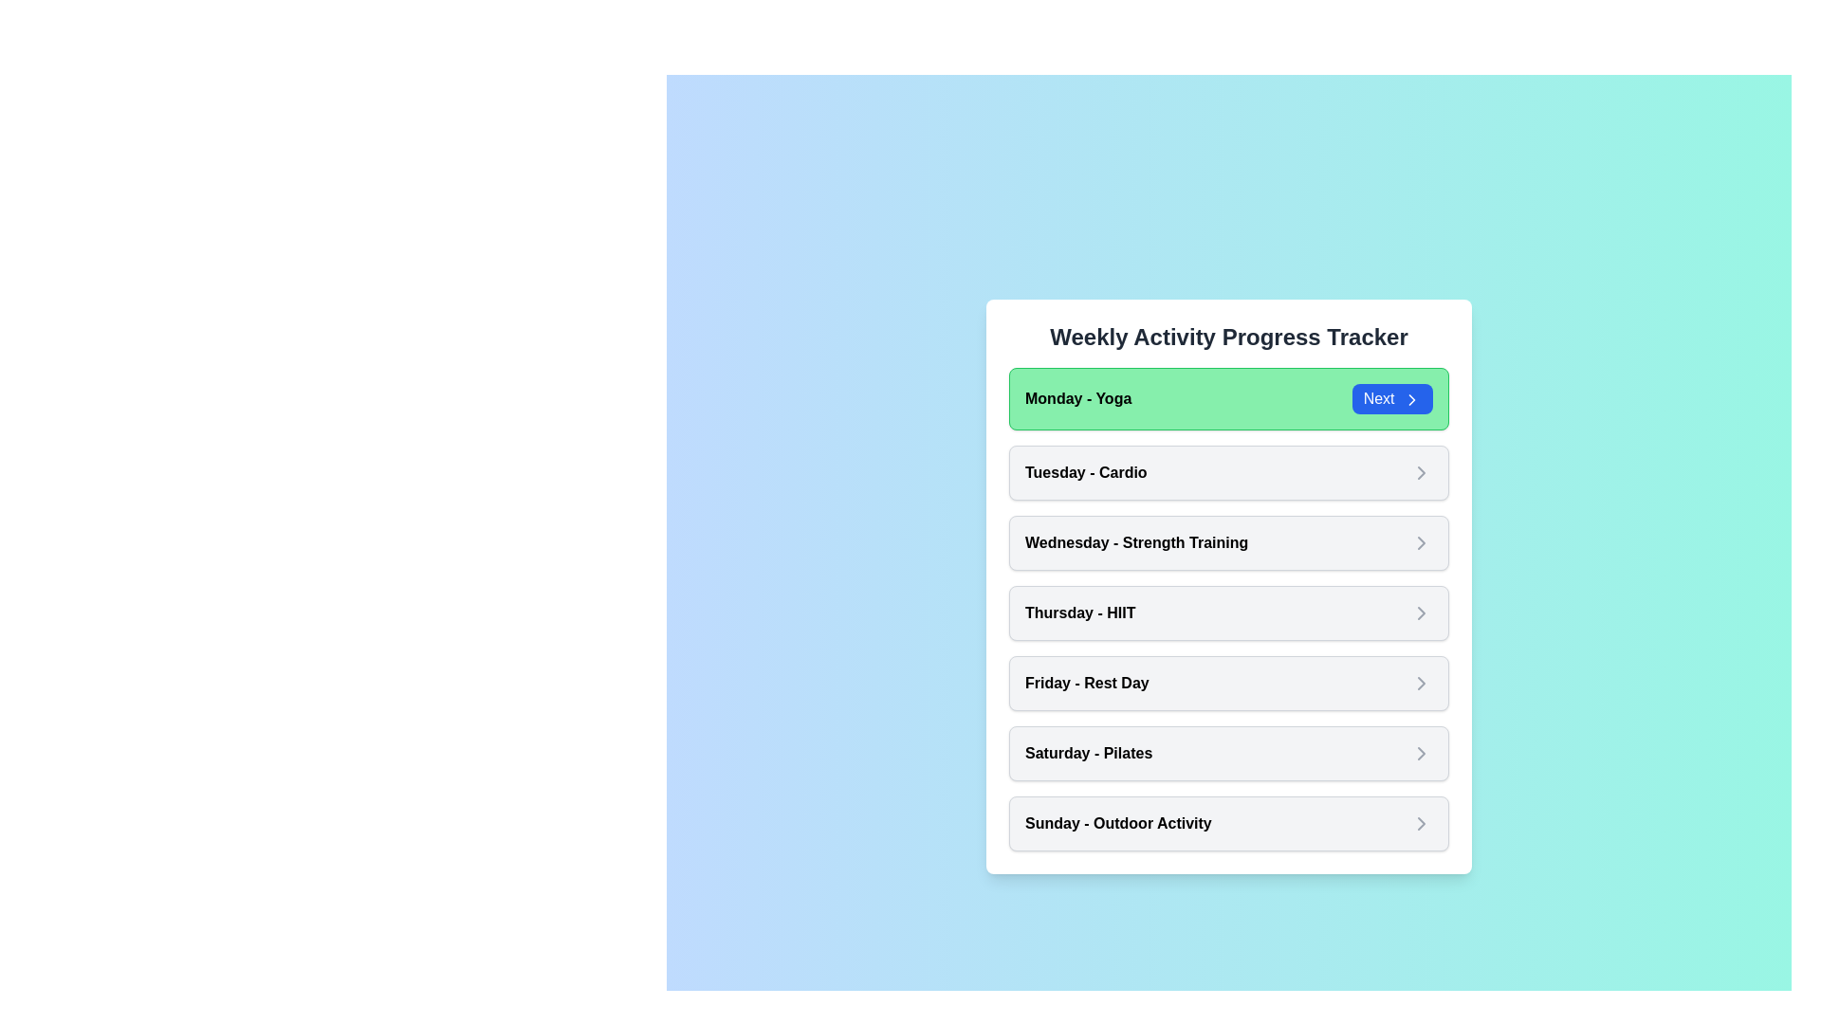 This screenshot has width=1821, height=1024. What do you see at coordinates (1411, 397) in the screenshot?
I see `the right-facing chevron icon indirectly by clicking the blue 'Next' button it is located within` at bounding box center [1411, 397].